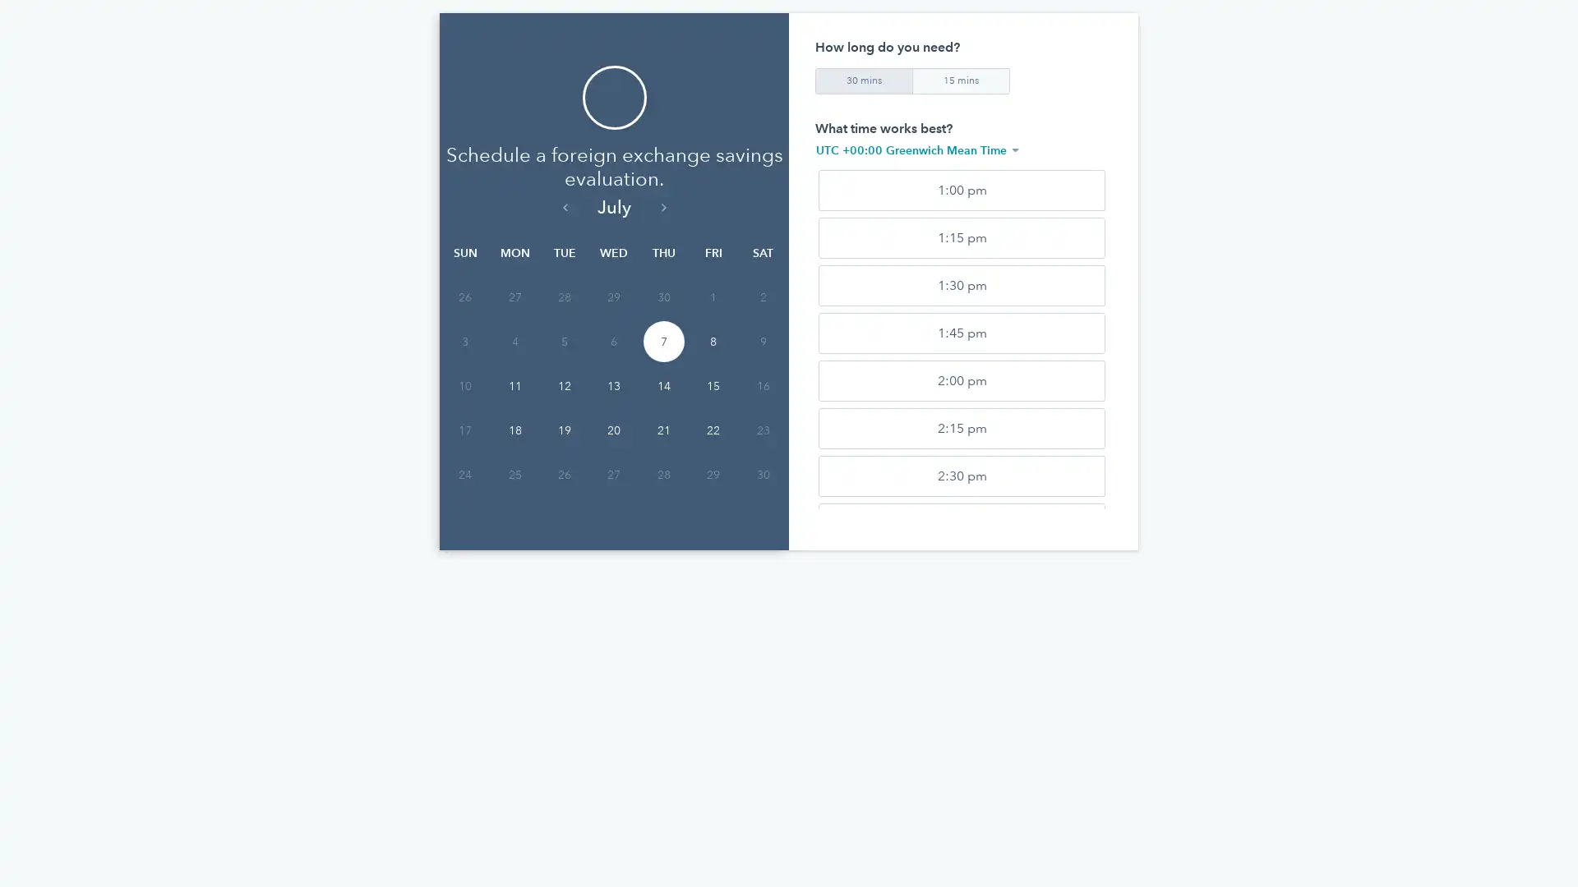 This screenshot has height=887, width=1578. Describe the element at coordinates (513, 386) in the screenshot. I see `July 11th` at that location.